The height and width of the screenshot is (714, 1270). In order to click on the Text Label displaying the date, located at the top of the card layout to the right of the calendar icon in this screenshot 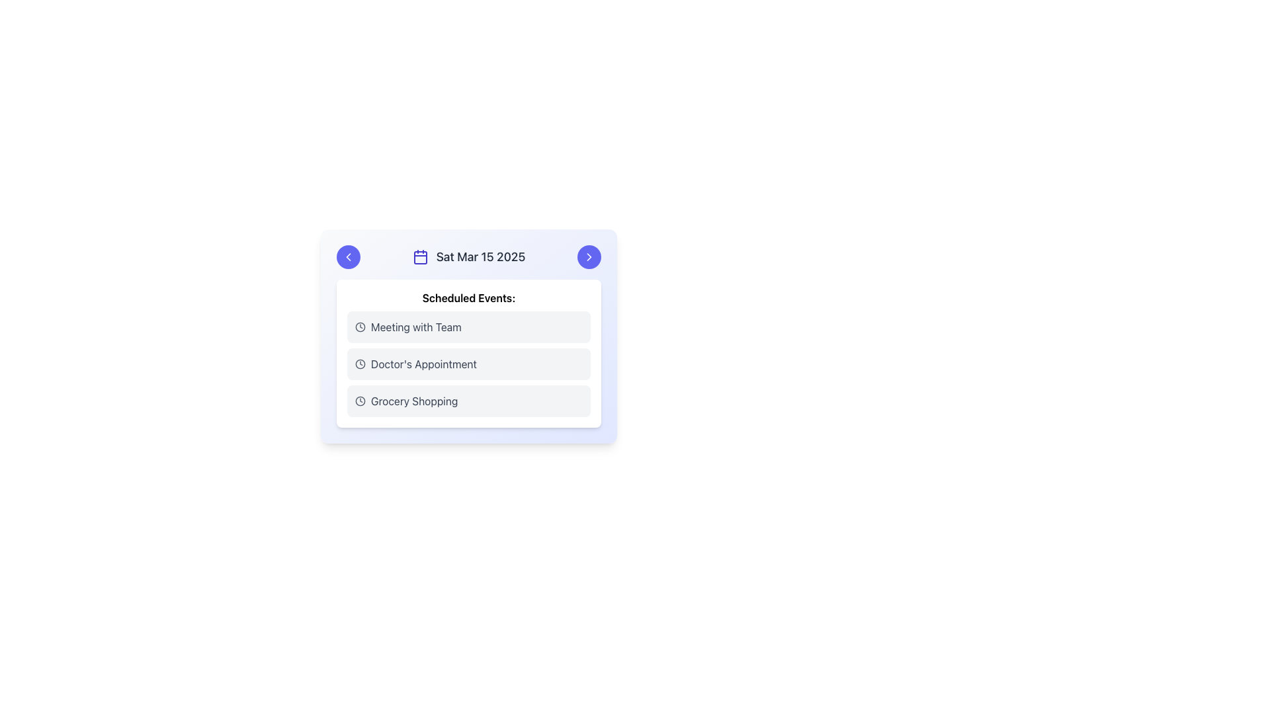, I will do `click(480, 257)`.